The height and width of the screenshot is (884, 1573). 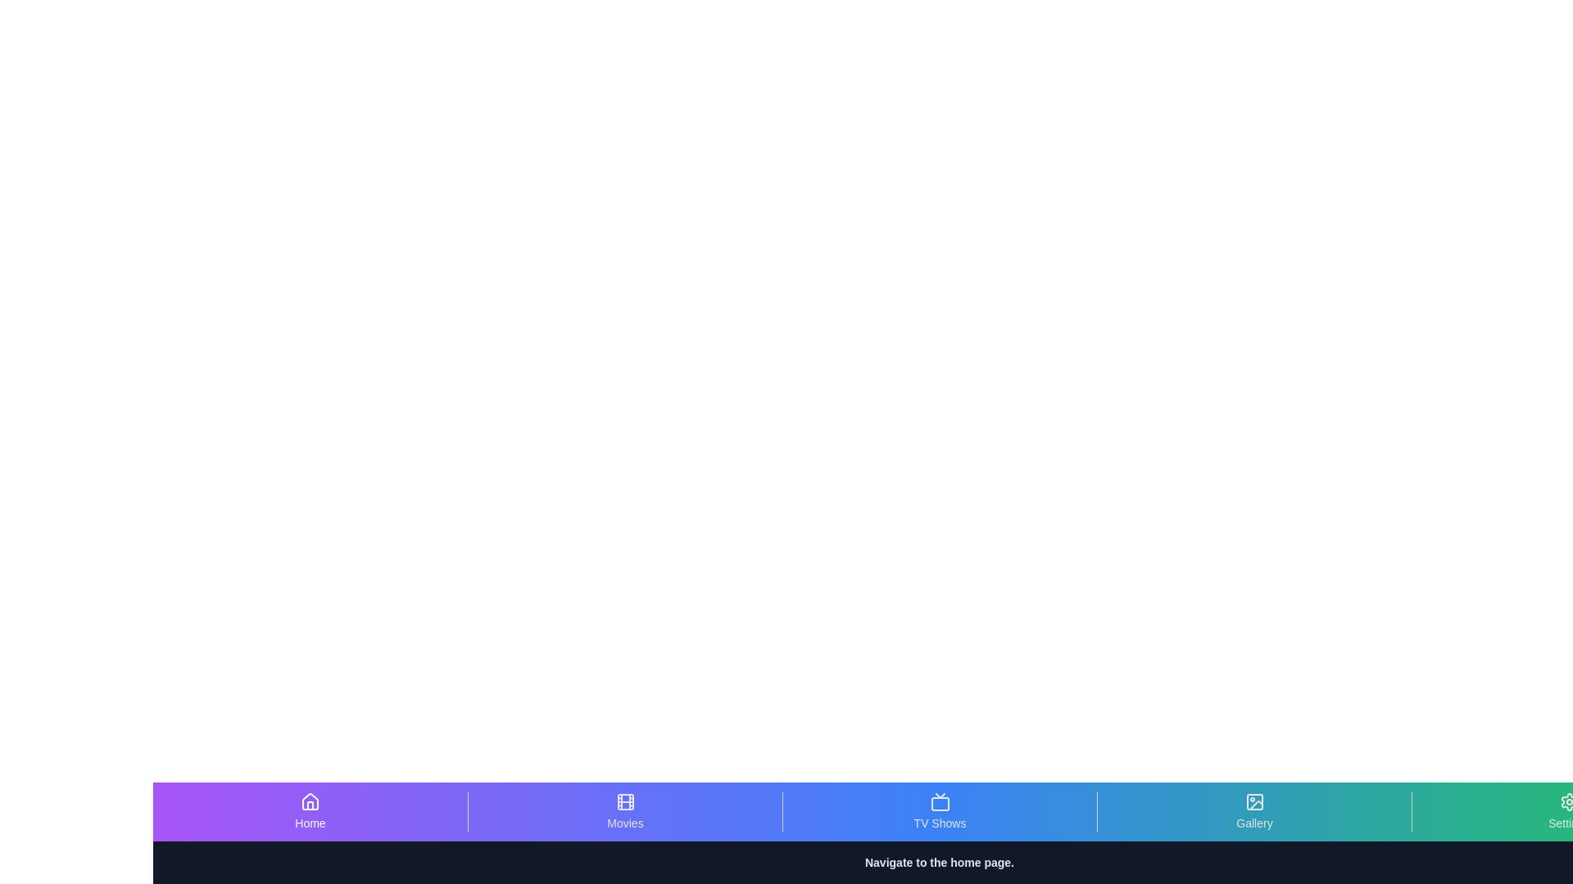 What do you see at coordinates (1253, 811) in the screenshot?
I see `the Gallery tab to view its hover effects` at bounding box center [1253, 811].